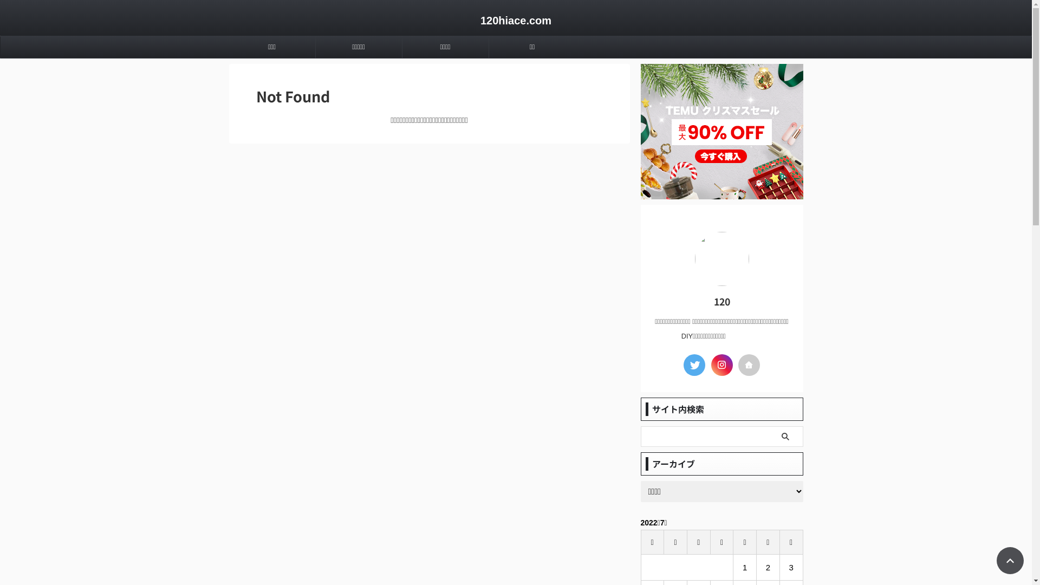 This screenshot has height=585, width=1040. Describe the element at coordinates (515, 21) in the screenshot. I see `'120hiace.com'` at that location.